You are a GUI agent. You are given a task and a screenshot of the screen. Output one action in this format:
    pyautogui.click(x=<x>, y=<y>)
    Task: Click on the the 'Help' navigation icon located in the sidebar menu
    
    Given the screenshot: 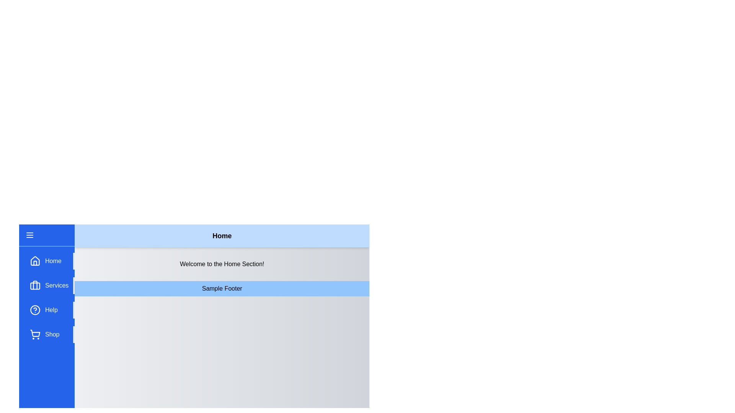 What is the action you would take?
    pyautogui.click(x=34, y=310)
    